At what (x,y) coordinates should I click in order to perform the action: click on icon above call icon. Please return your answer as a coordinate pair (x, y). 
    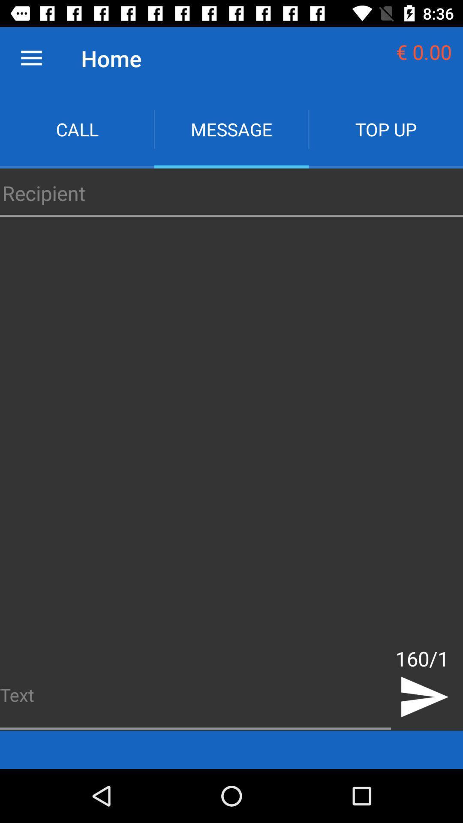
    Looking at the image, I should click on (31, 58).